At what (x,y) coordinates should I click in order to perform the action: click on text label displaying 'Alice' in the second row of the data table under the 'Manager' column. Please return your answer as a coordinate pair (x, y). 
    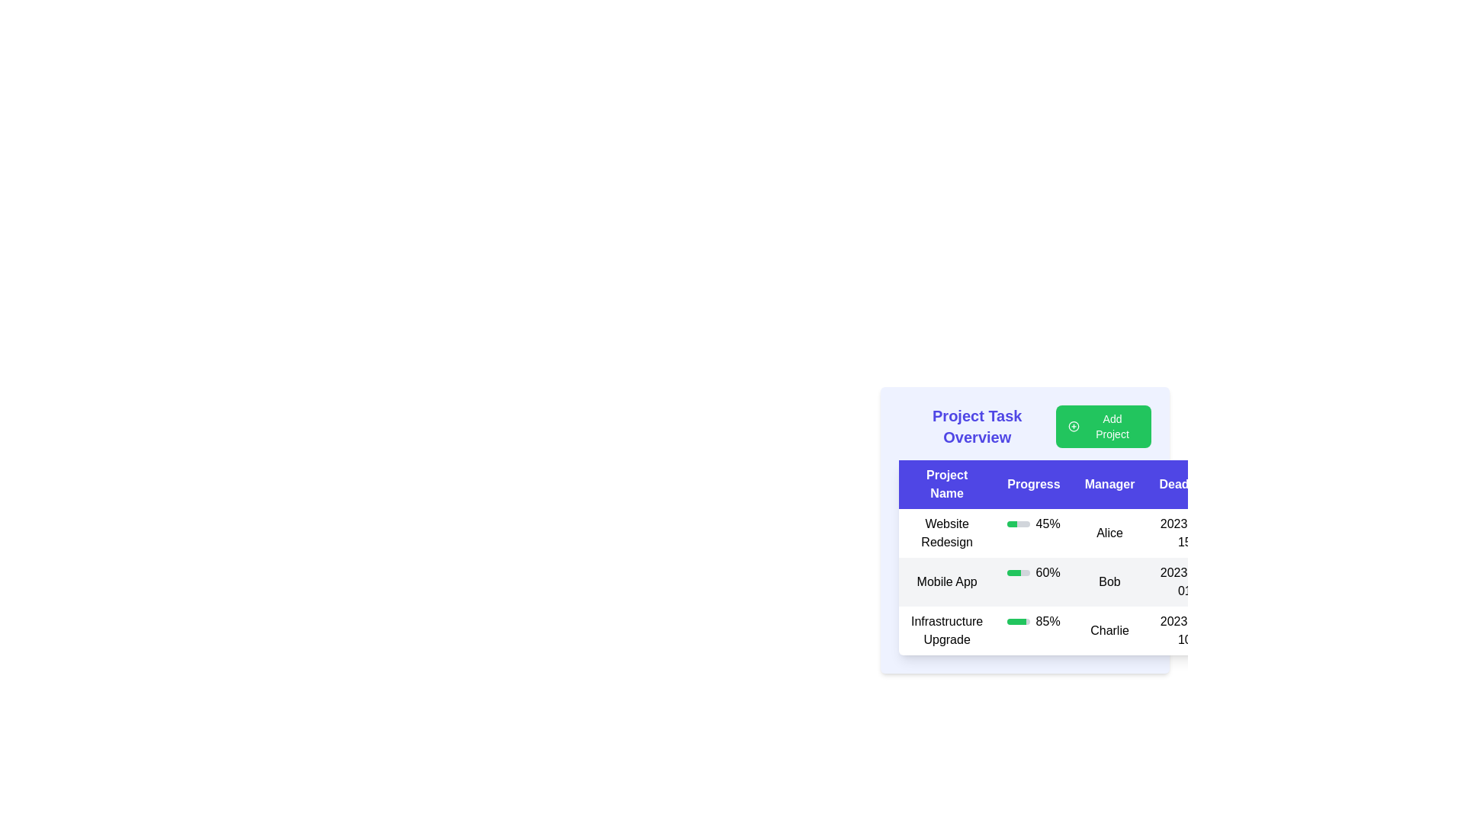
    Looking at the image, I should click on (1109, 532).